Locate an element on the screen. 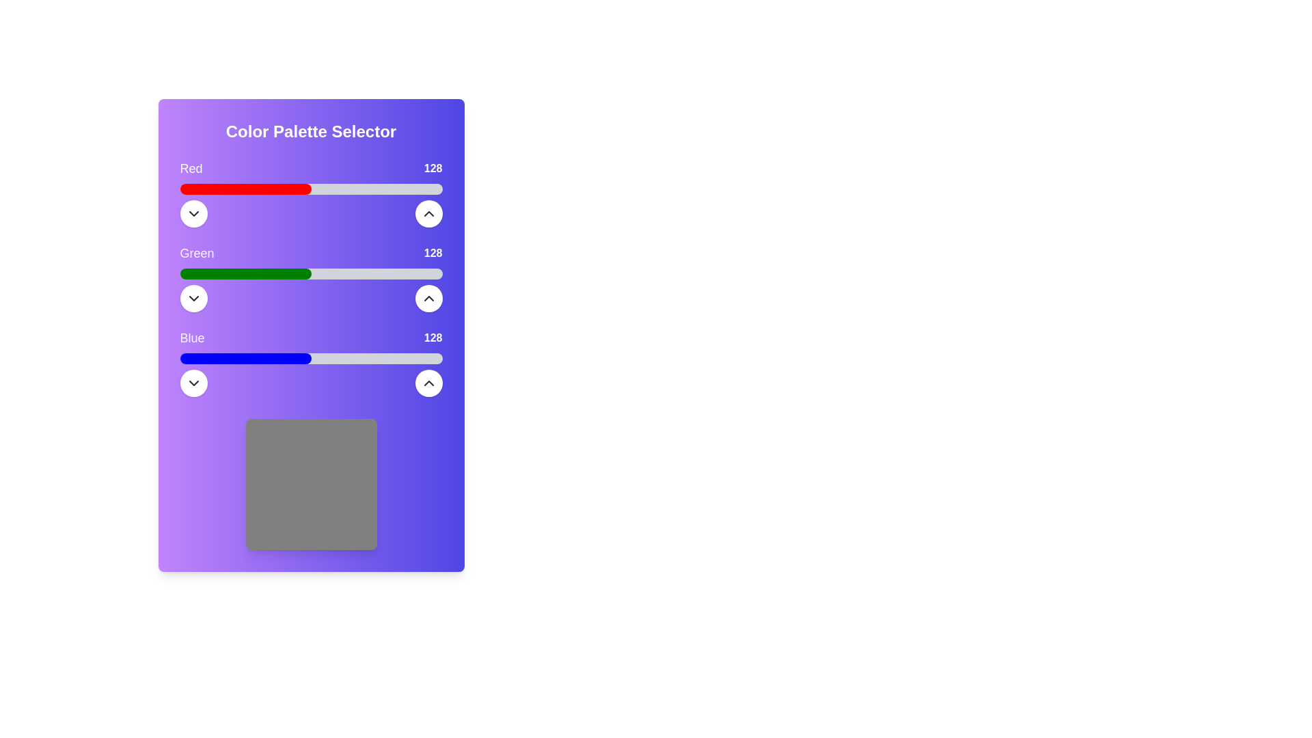  the value of the leftmost segment of the horizontal progress bar representing the 'Red' component in the color mixer is located at coordinates (245, 189).